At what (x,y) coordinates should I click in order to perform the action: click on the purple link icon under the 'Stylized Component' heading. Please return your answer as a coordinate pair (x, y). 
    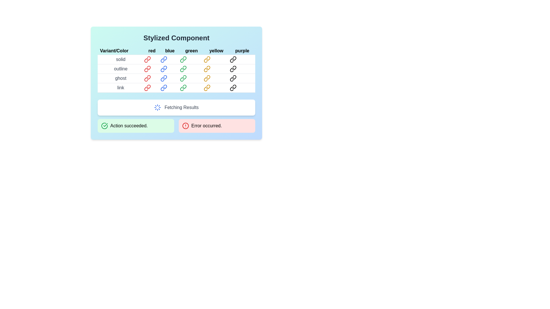
    Looking at the image, I should click on (233, 88).